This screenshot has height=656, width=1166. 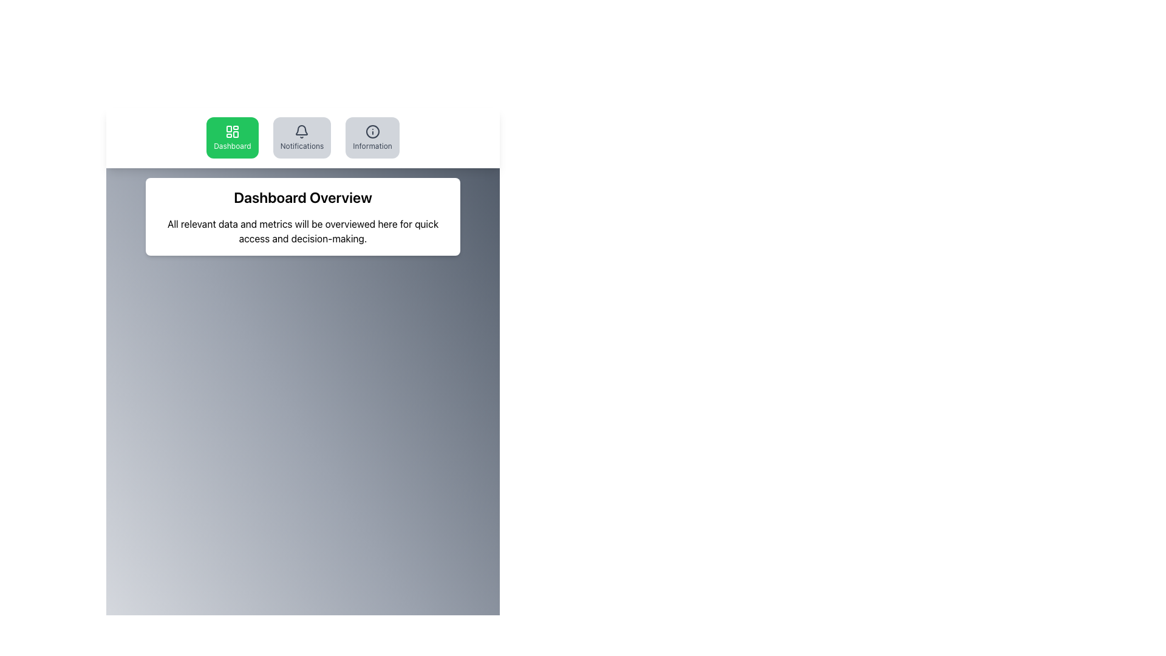 What do you see at coordinates (232, 131) in the screenshot?
I see `the Dashboard icon, which is prominently placed on the green background of the Dashboard section and located to the left of Notifications and Information in the navigation bar` at bounding box center [232, 131].